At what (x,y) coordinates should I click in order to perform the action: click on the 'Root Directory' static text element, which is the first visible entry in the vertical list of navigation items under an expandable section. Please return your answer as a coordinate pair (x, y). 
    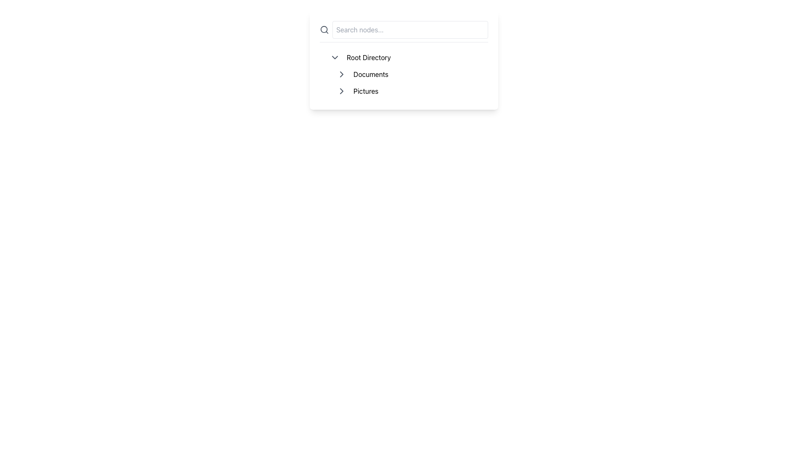
    Looking at the image, I should click on (369, 57).